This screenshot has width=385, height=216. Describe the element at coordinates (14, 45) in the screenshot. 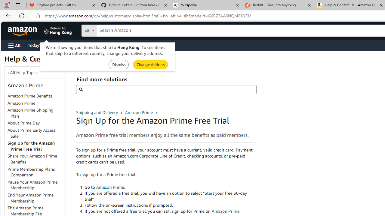

I see `'Open Menu'` at that location.